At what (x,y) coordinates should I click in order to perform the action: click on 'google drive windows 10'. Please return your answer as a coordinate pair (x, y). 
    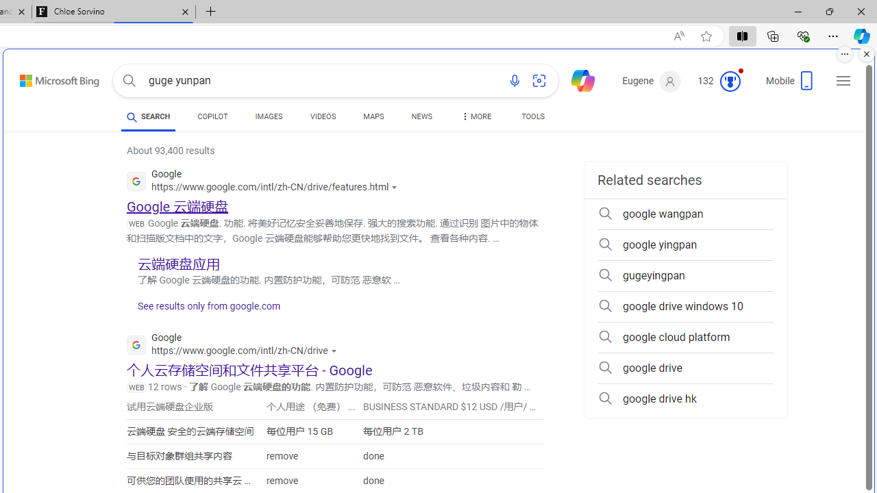
    Looking at the image, I should click on (685, 306).